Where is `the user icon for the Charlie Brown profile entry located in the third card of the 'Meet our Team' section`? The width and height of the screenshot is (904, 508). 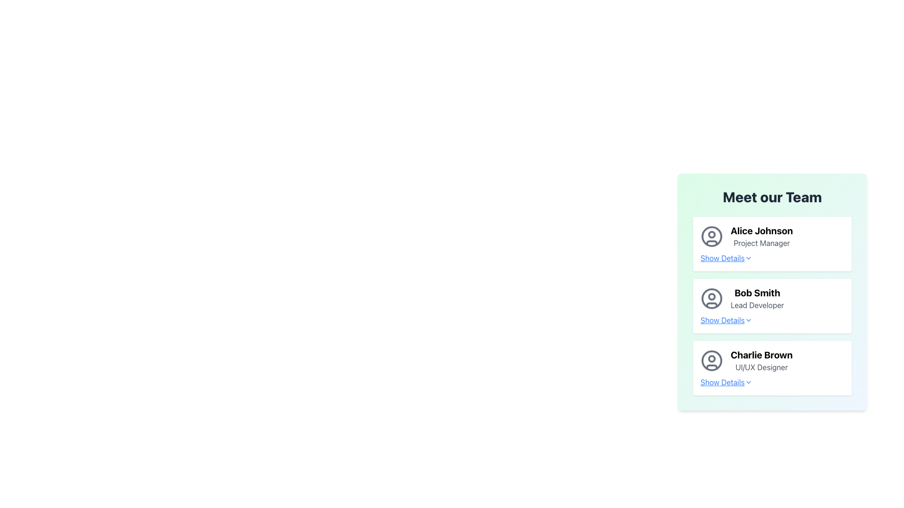 the user icon for the Charlie Brown profile entry located in the third card of the 'Meet our Team' section is located at coordinates (712, 360).